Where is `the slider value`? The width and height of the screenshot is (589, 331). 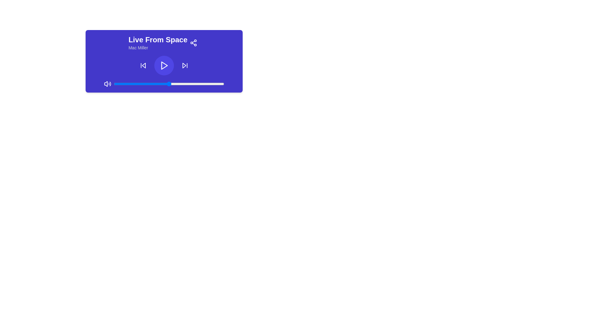
the slider value is located at coordinates (128, 84).